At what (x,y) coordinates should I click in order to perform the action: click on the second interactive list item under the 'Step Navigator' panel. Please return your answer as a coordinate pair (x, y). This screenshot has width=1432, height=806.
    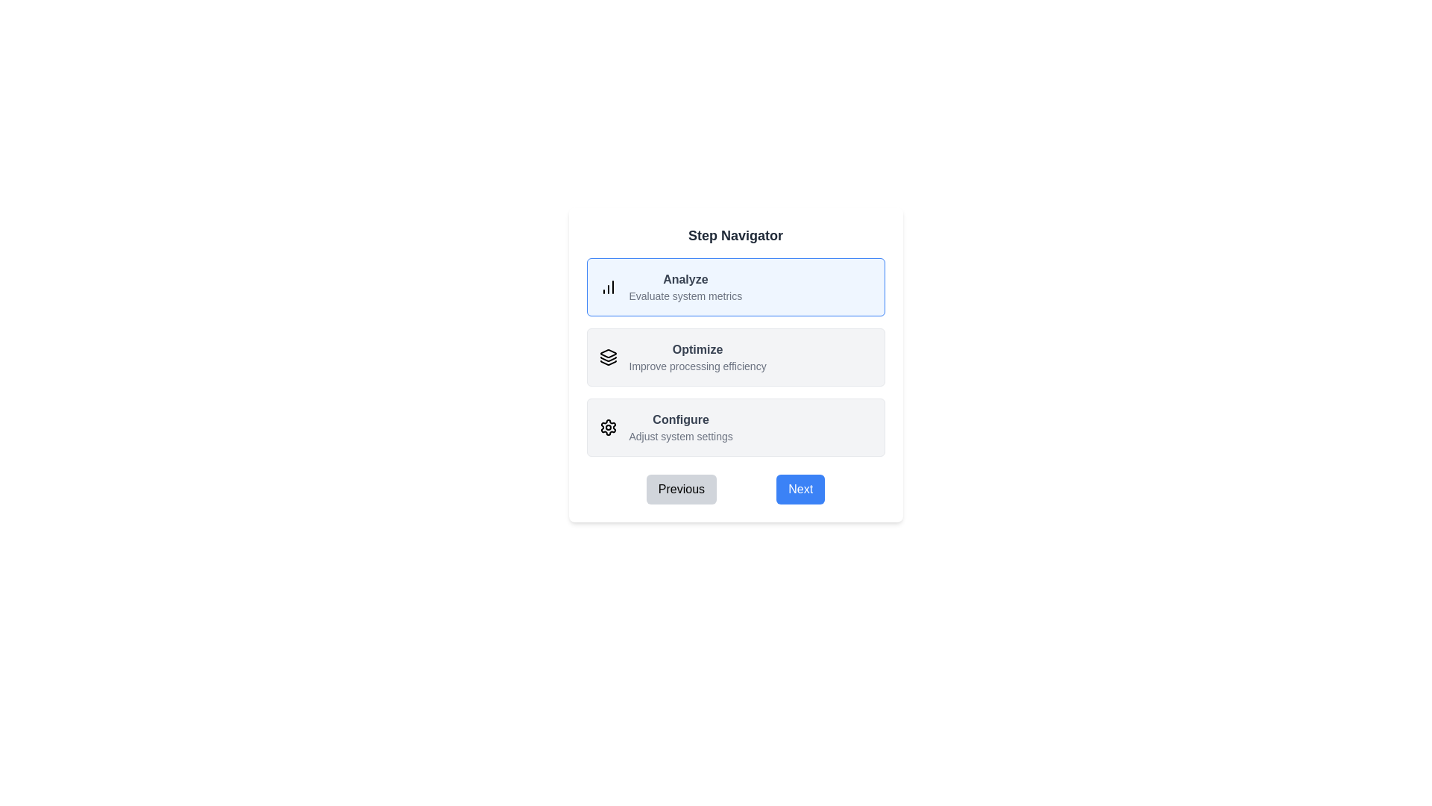
    Looking at the image, I should click on (735, 357).